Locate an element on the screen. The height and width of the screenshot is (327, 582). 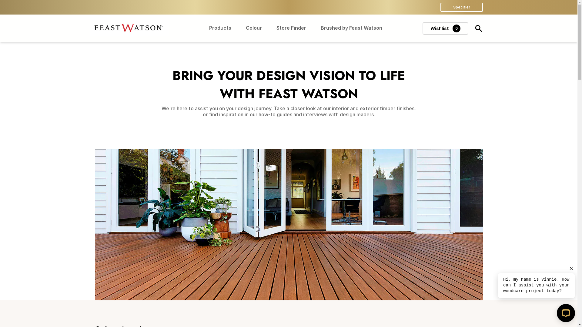
'Wishlist is located at coordinates (445, 28).